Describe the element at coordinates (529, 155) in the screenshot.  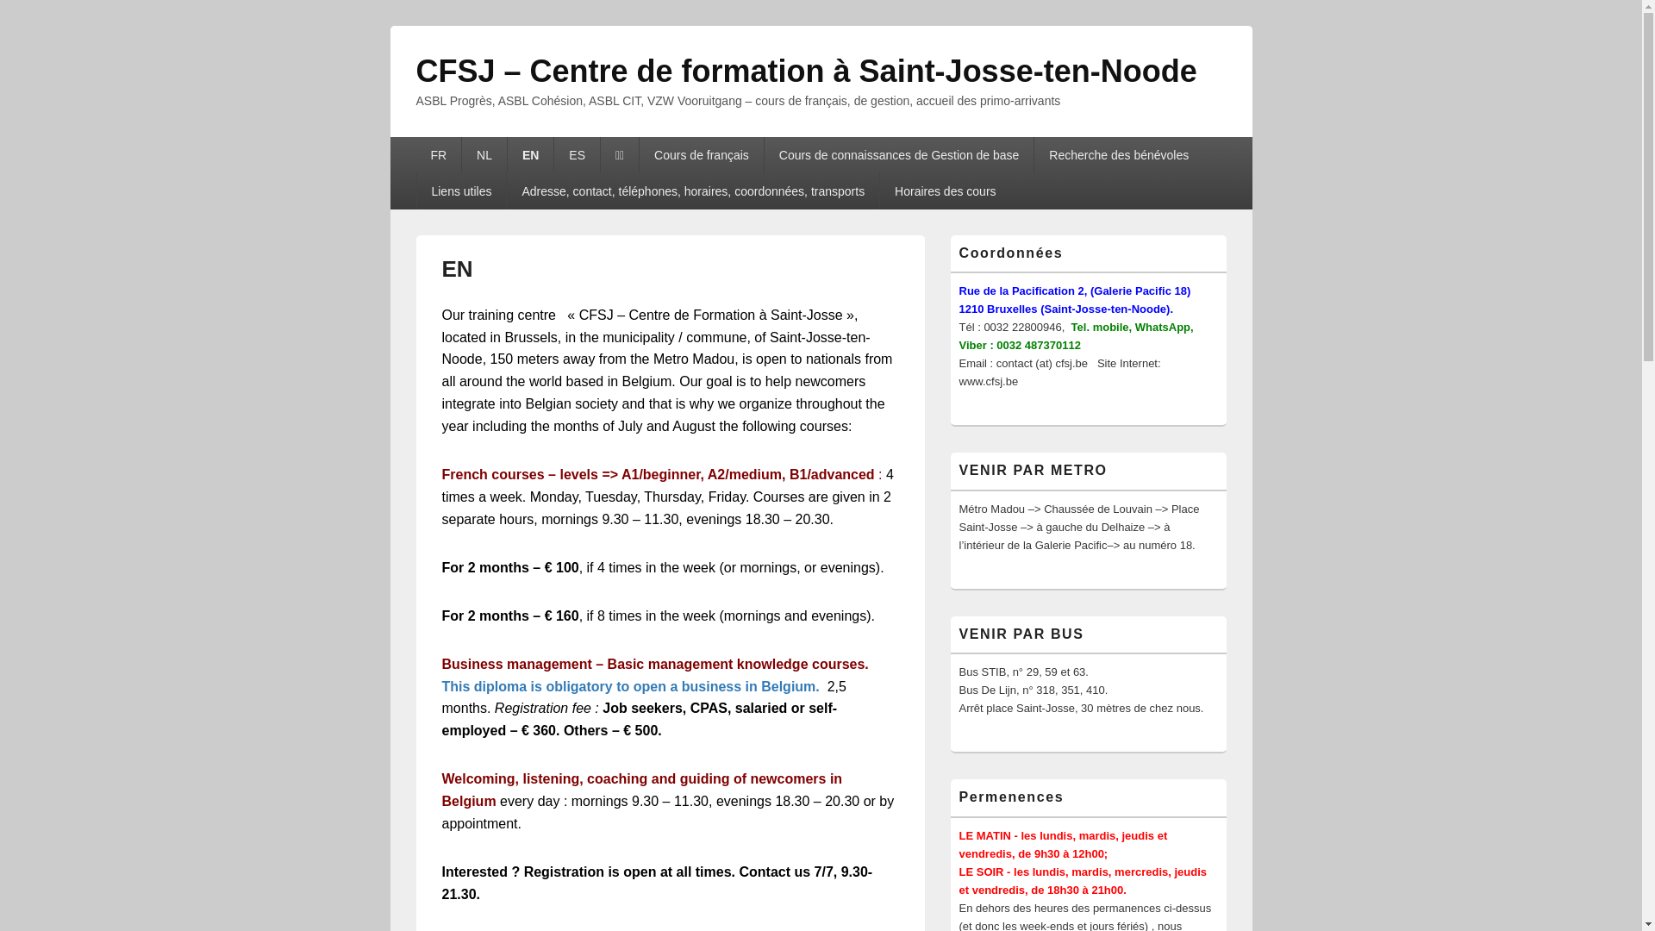
I see `'EN'` at that location.